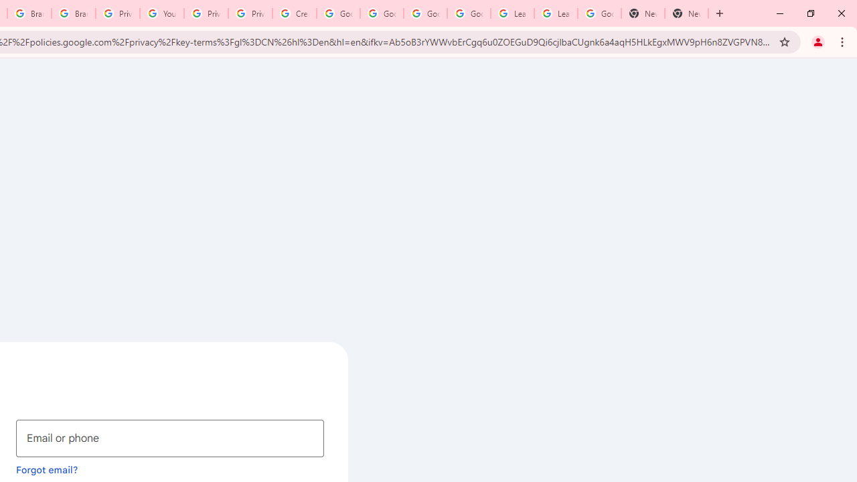  I want to click on 'Email or phone', so click(169, 438).